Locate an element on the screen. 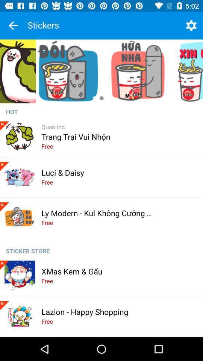 The image size is (203, 361). configurations is located at coordinates (191, 26).